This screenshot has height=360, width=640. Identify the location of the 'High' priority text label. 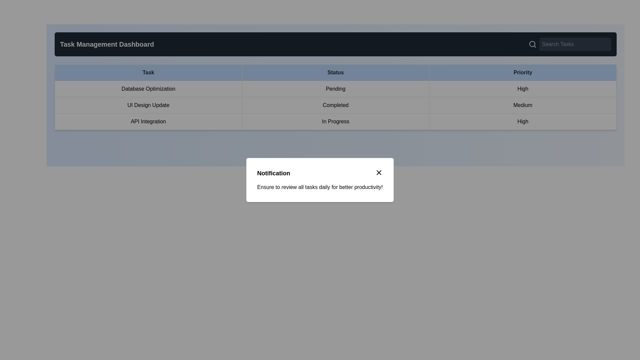
(522, 88).